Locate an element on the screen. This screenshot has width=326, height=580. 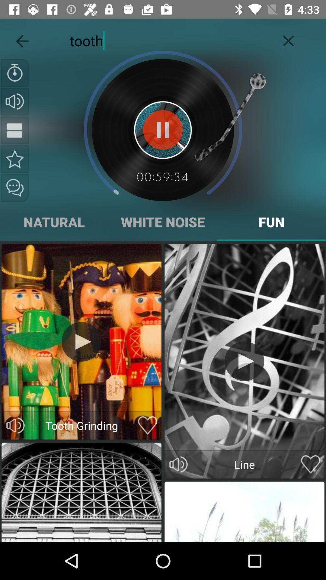
sound is located at coordinates (244, 361).